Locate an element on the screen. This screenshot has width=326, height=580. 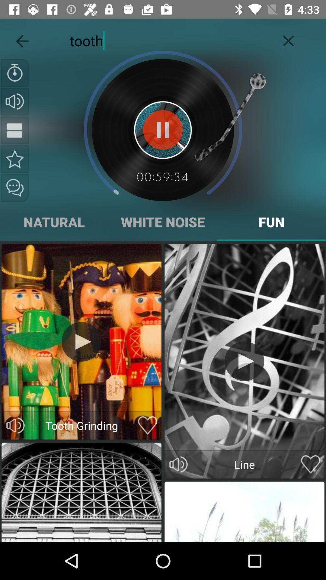
sound is located at coordinates (244, 361).